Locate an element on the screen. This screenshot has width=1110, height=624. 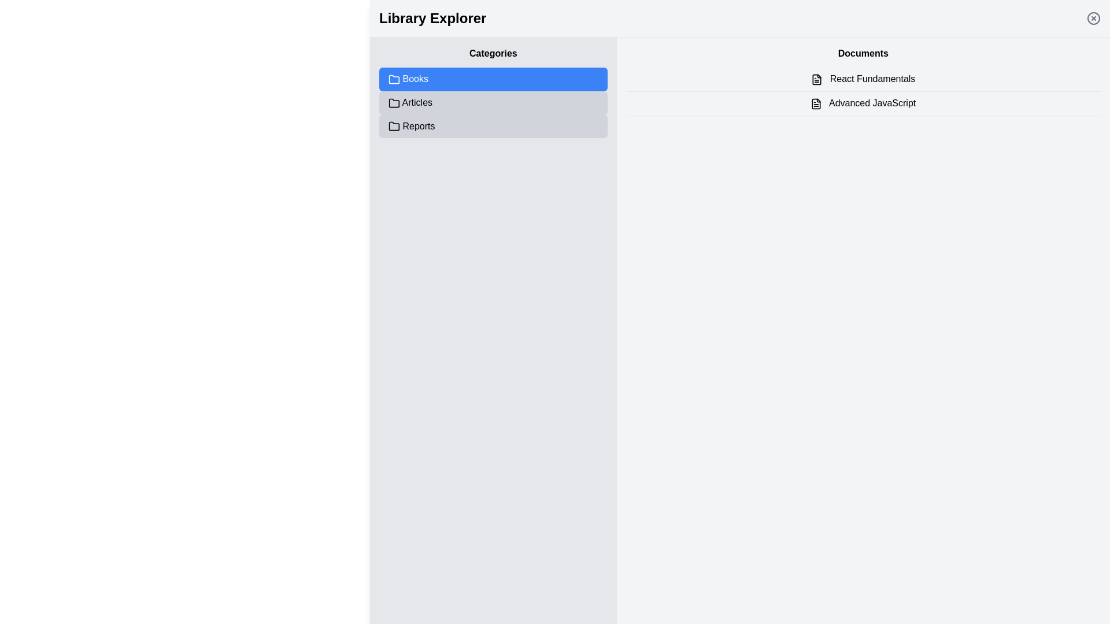
the 'Articles' folder icon in the 'Categories' sidebar is located at coordinates (394, 102).